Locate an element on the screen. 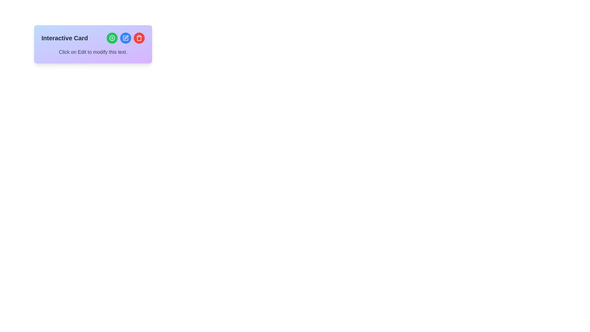  the green circular button with an interlocking circles icon, the first button from the left in a horizontal row of three buttons at the top-right corner of the card interface is located at coordinates (112, 38).